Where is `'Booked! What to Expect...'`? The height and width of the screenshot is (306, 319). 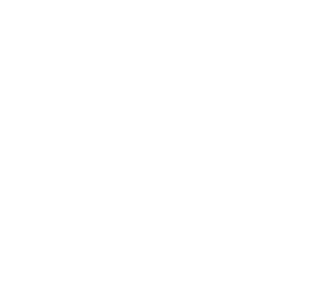
'Booked! What to Expect...' is located at coordinates (29, 42).